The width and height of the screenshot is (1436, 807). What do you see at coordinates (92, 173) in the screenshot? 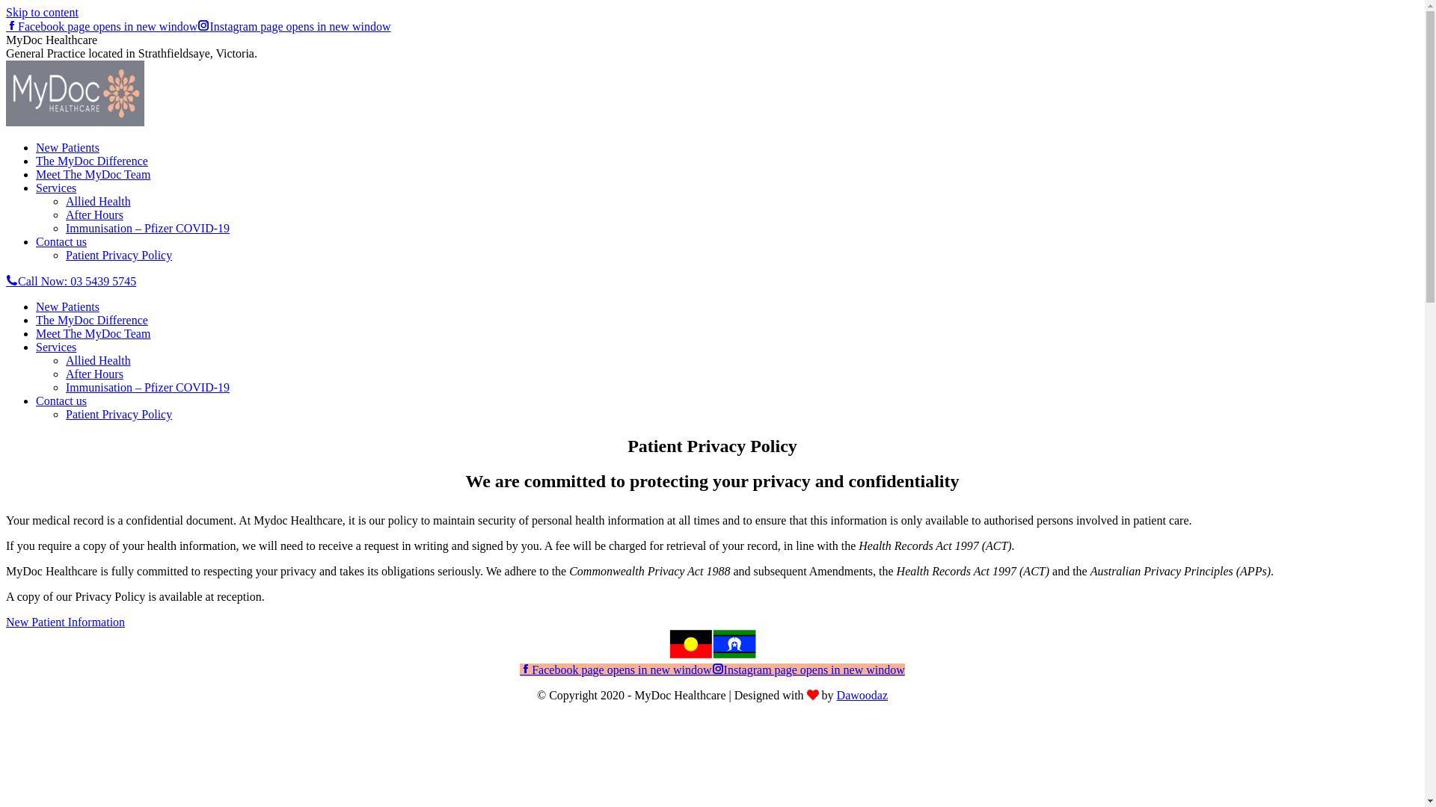
I see `'Meet The MyDoc Team'` at bounding box center [92, 173].